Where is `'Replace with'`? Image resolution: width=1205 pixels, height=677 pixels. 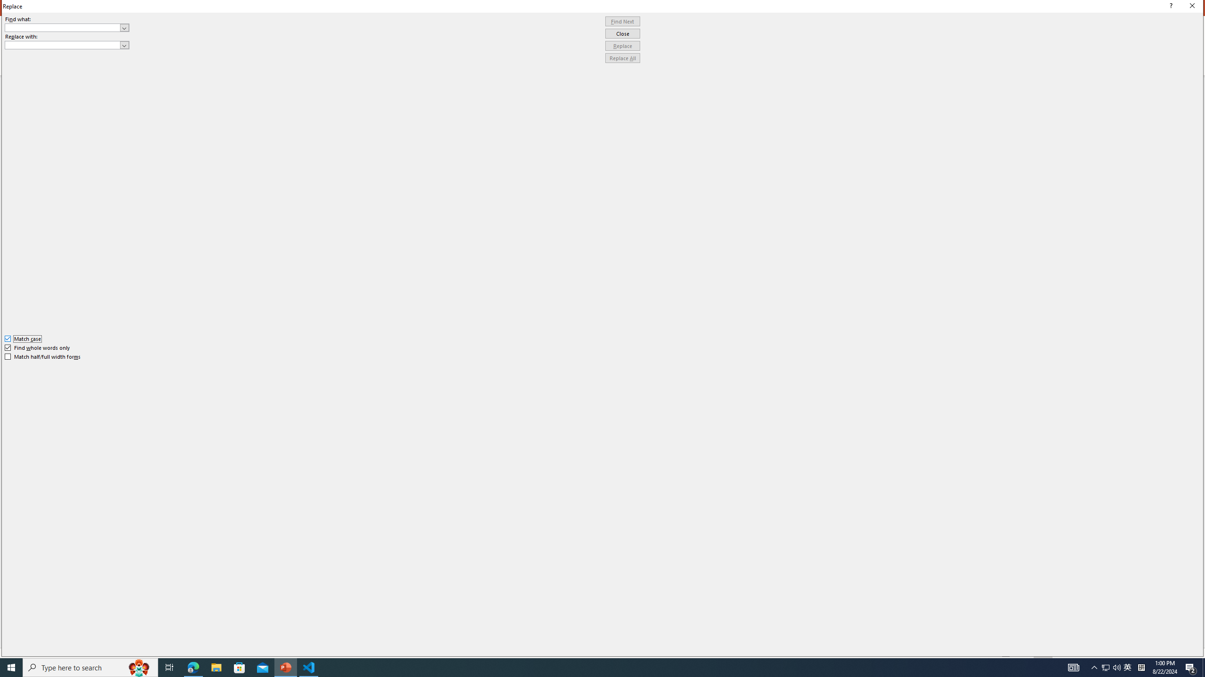
'Replace with' is located at coordinates (67, 45).